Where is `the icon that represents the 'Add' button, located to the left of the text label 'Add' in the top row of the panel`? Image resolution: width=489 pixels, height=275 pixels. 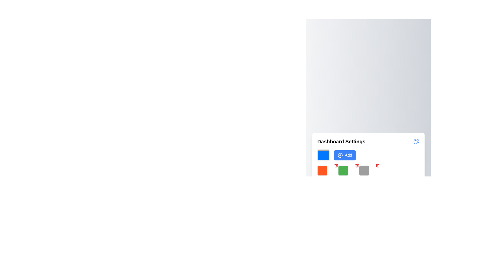 the icon that represents the 'Add' button, located to the left of the text label 'Add' in the top row of the panel is located at coordinates (340, 155).